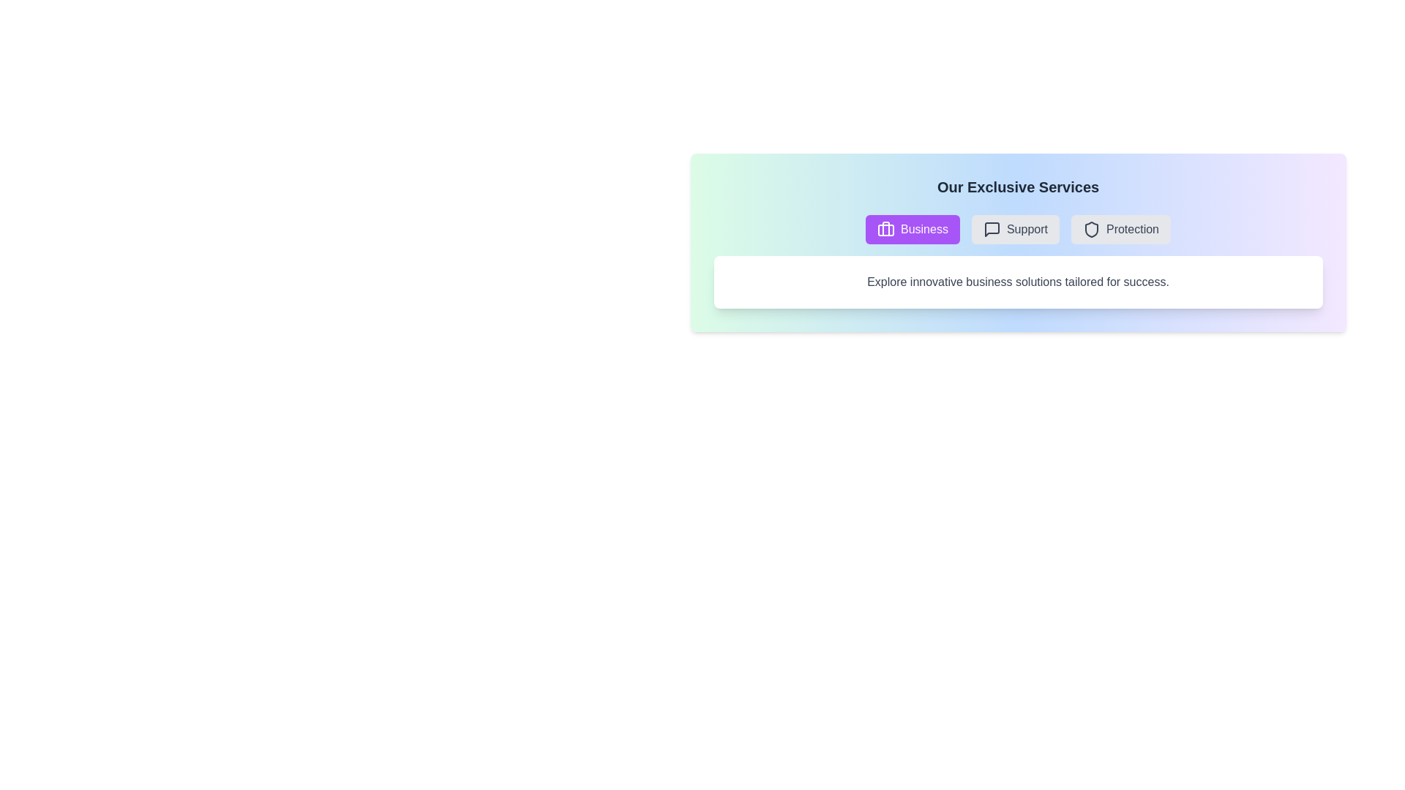 The image size is (1405, 790). I want to click on the icon associated with the Business tab, so click(885, 229).